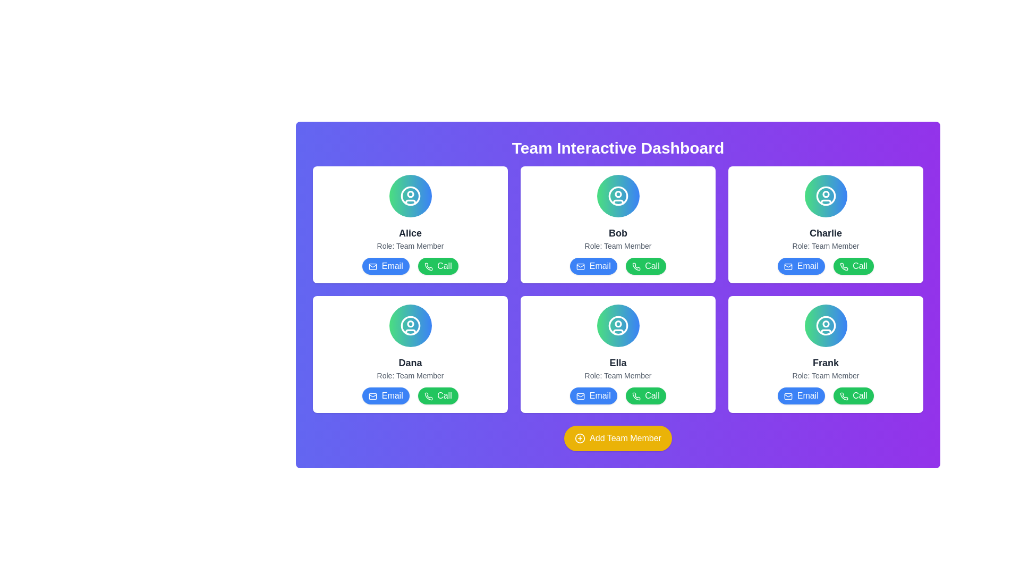 The height and width of the screenshot is (574, 1020). Describe the element at coordinates (825, 266) in the screenshot. I see `the 'Call' button in the segmented button group located within the card displaying information about 'Charlie.' The button has a green background and is positioned at the bottom of the card` at that location.